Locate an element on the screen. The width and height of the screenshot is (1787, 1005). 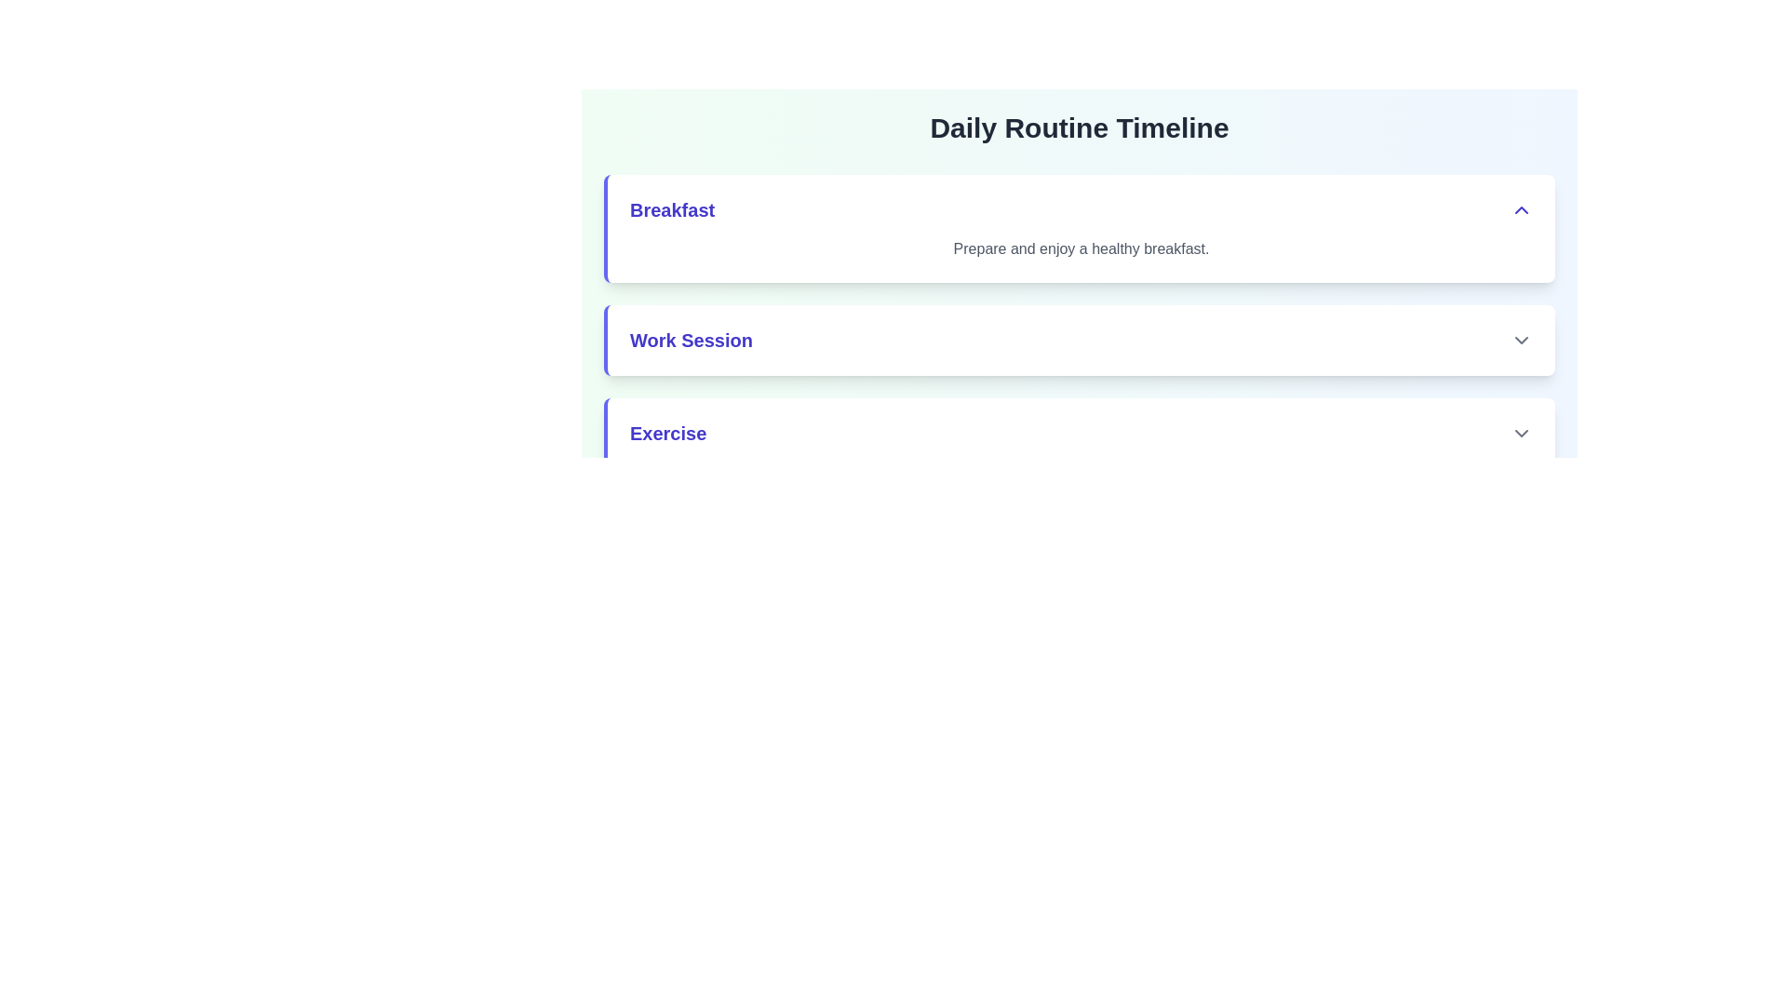
text 'Daily Routine Timeline' from the header element styled in large, bold dark gray font, located at the top of the section is located at coordinates (1080, 127).